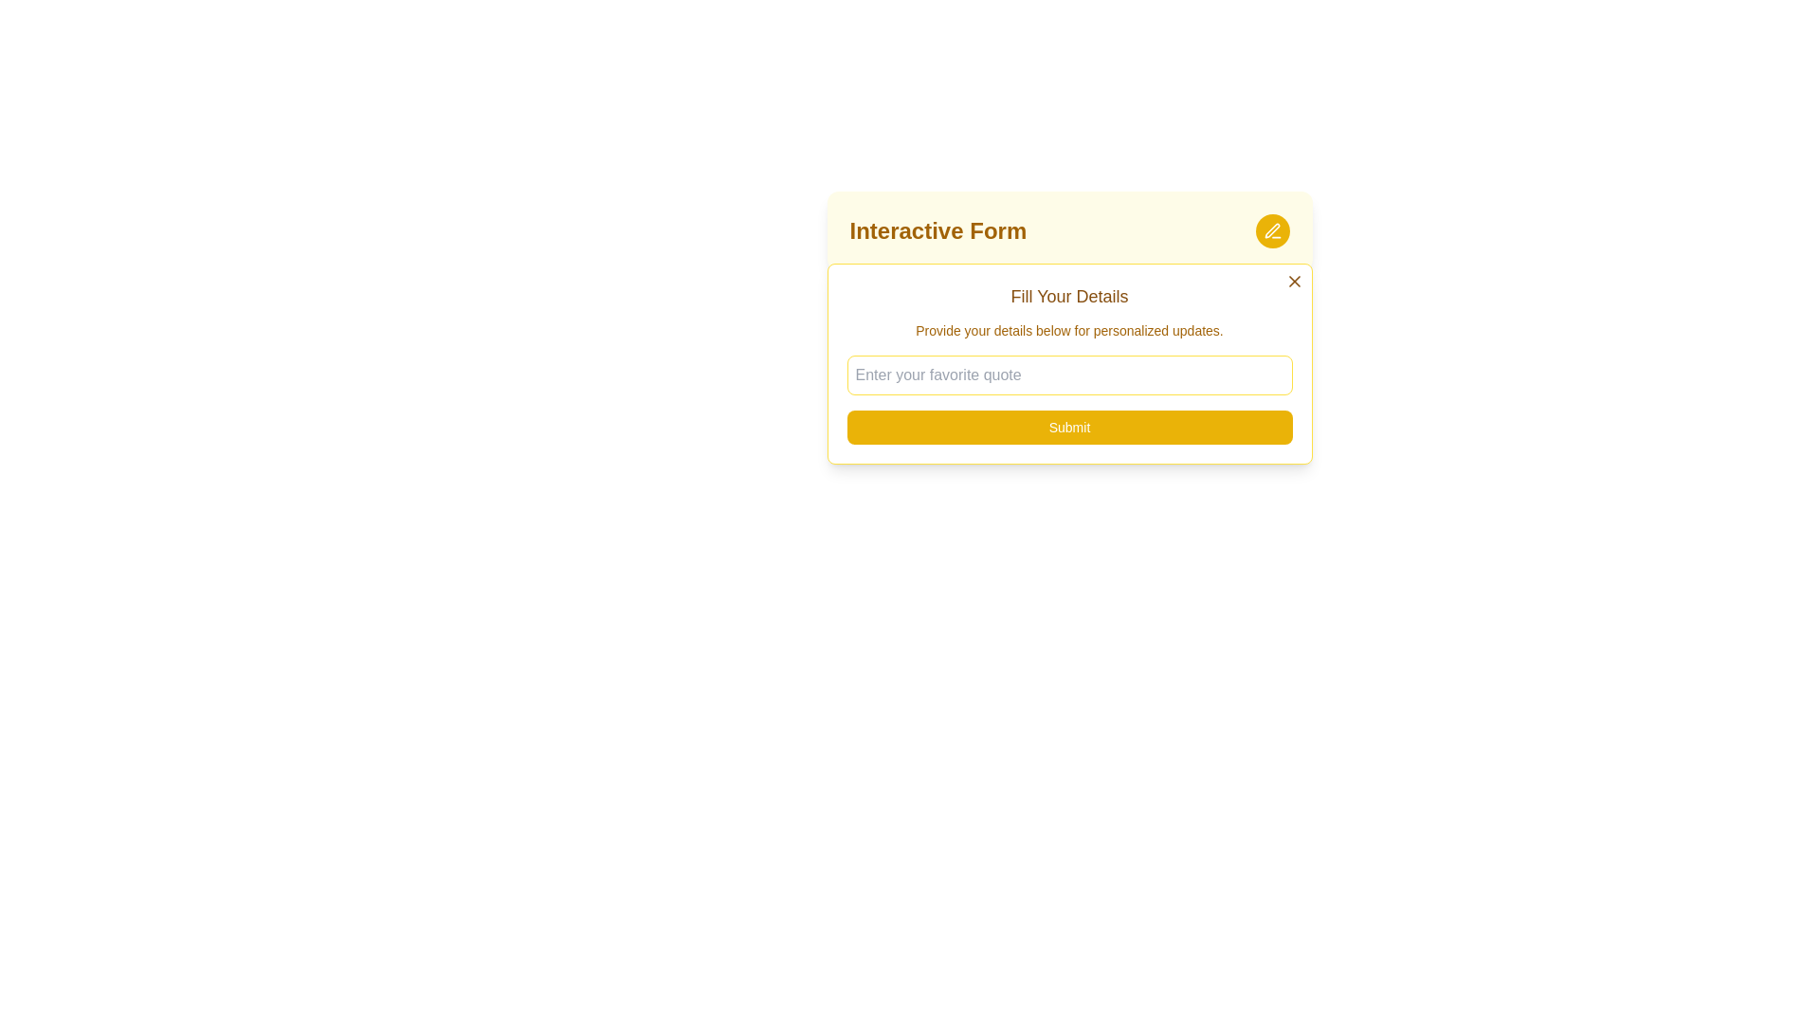  Describe the element at coordinates (1069, 398) in the screenshot. I see `the submit button located at the bottom section of the interactive form card to experience hover effects` at that location.